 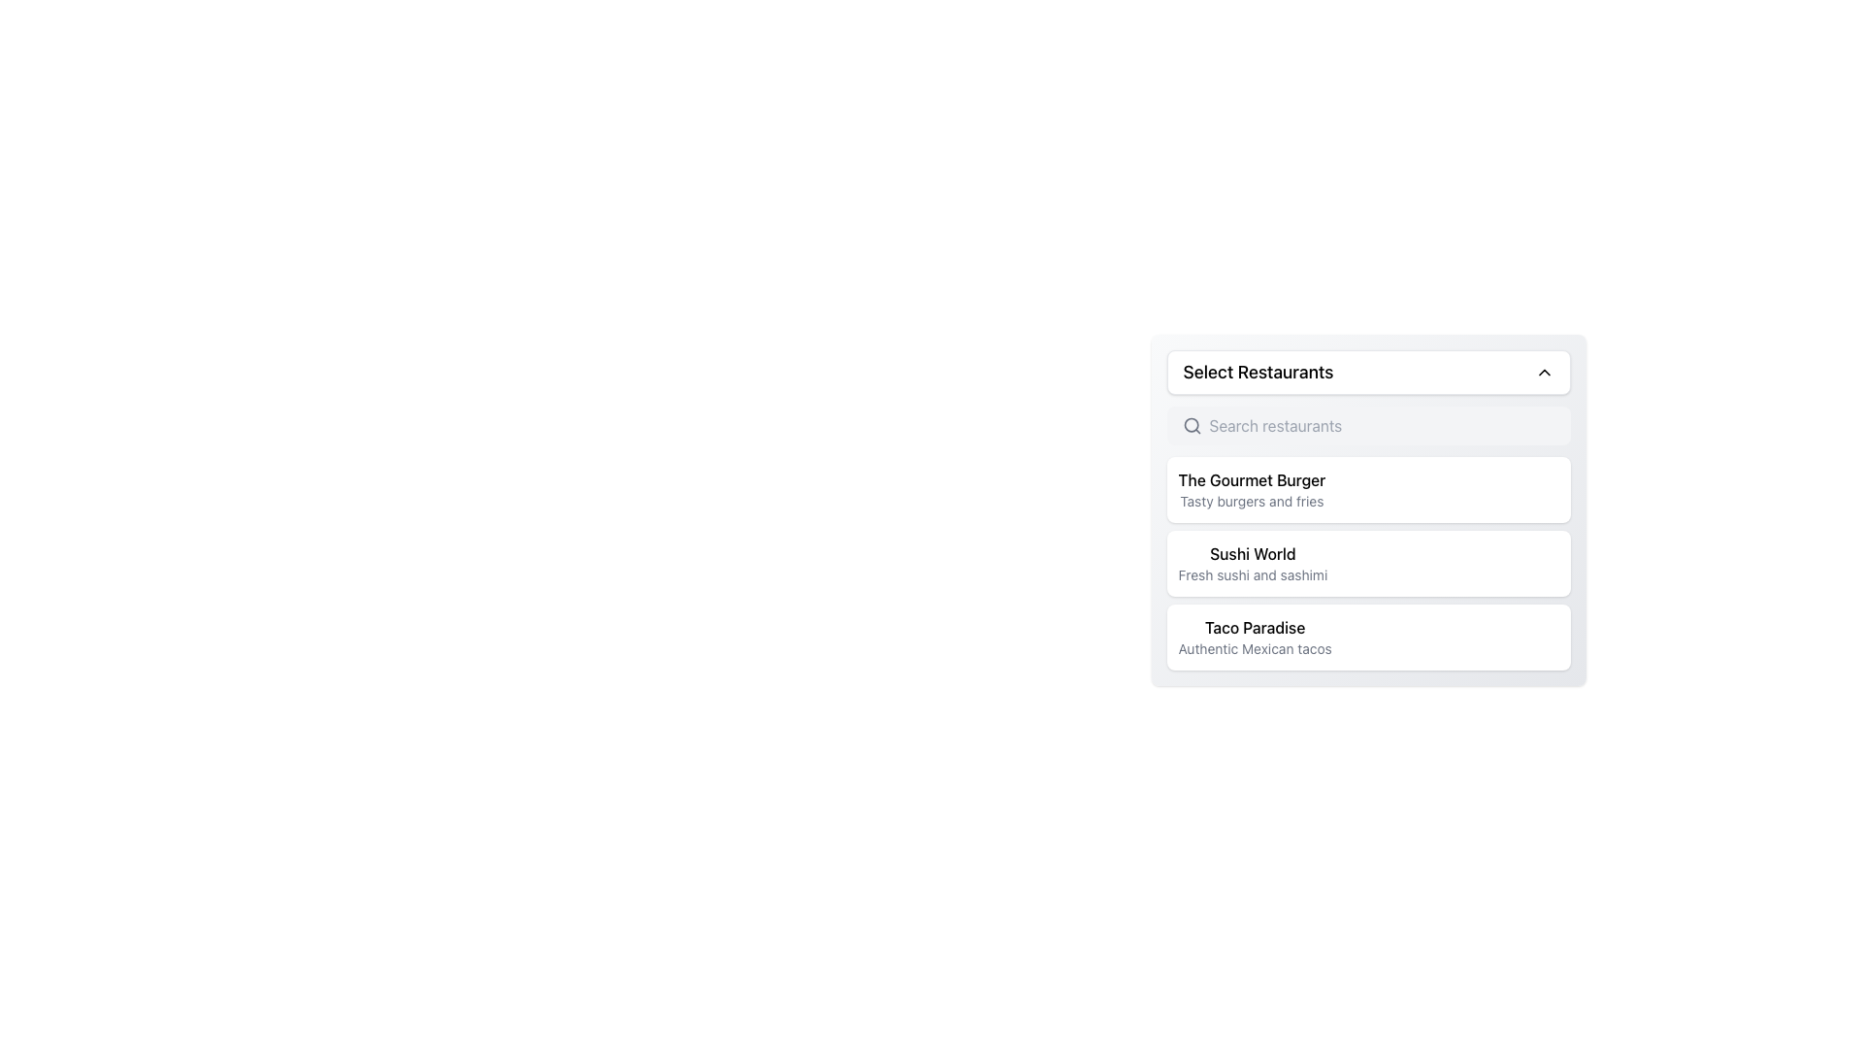 What do you see at coordinates (1191, 425) in the screenshot?
I see `the search icon located to the left of the 'Search restaurants' input field in the 'Select Restaurants' dropdown menu` at bounding box center [1191, 425].